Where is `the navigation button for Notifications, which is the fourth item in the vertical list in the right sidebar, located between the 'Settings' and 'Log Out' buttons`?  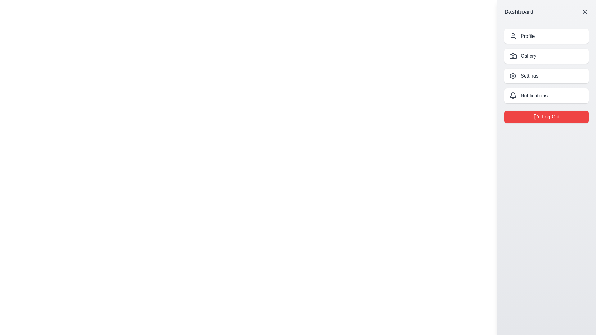
the navigation button for Notifications, which is the fourth item in the vertical list in the right sidebar, located between the 'Settings' and 'Log Out' buttons is located at coordinates (546, 96).